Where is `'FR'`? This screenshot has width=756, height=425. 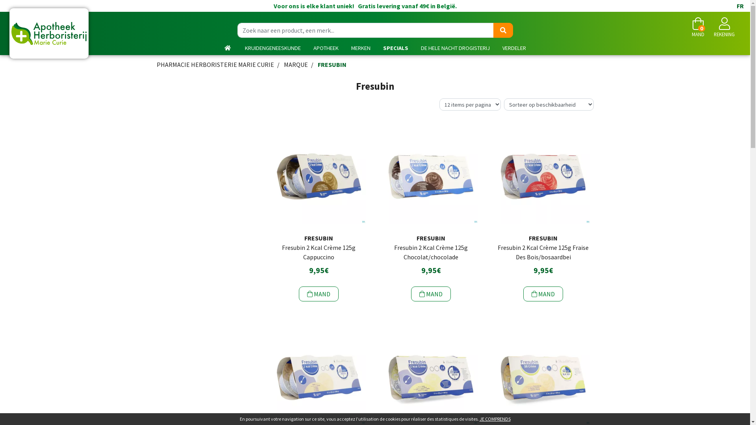 'FR' is located at coordinates (740, 6).